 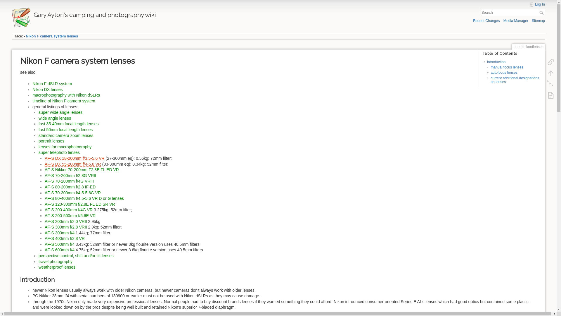 What do you see at coordinates (38, 112) in the screenshot?
I see `'super wide angle lenses'` at bounding box center [38, 112].